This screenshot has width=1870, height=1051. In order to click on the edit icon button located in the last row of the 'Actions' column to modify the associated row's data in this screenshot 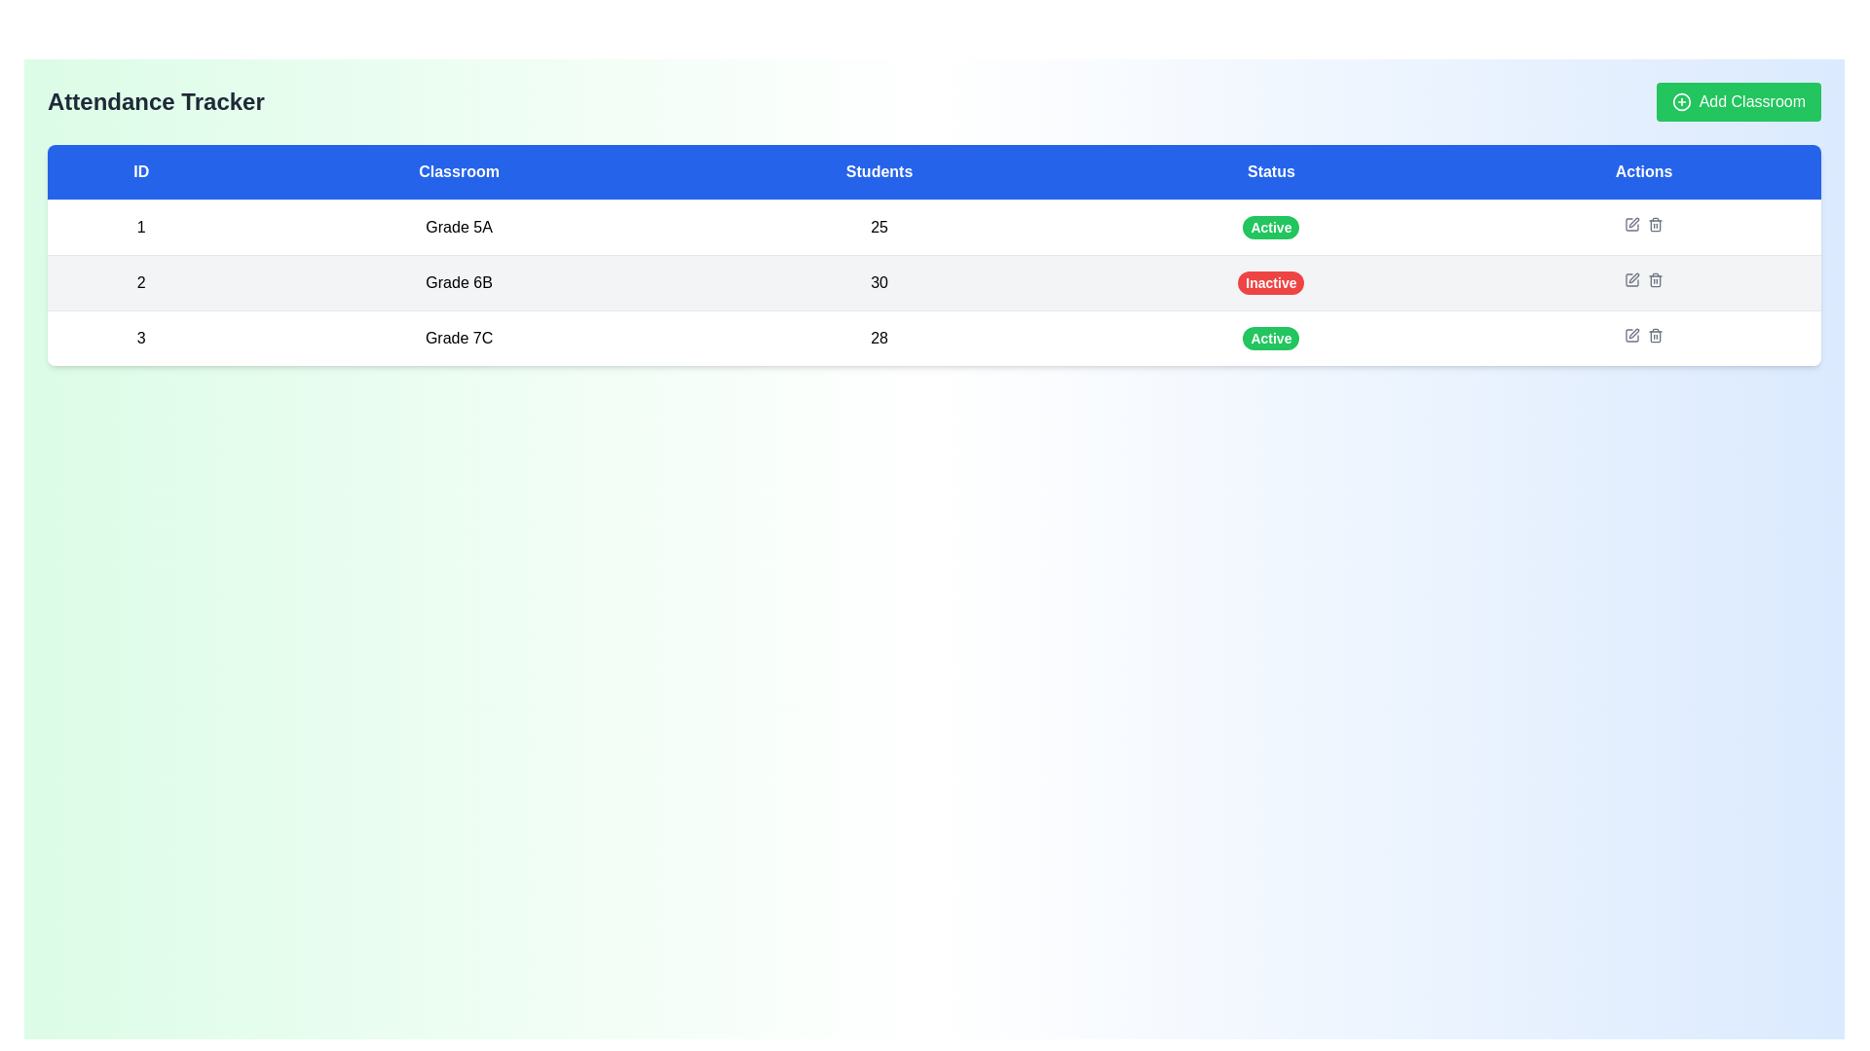, I will do `click(1631, 334)`.